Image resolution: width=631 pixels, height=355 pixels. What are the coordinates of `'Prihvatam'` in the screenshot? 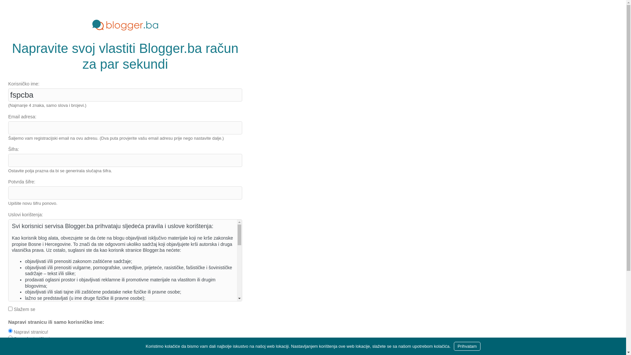 It's located at (467, 346).